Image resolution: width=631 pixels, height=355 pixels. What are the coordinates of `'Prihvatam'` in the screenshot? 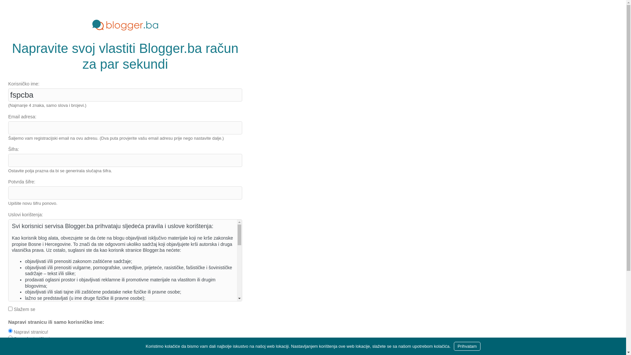 It's located at (467, 346).